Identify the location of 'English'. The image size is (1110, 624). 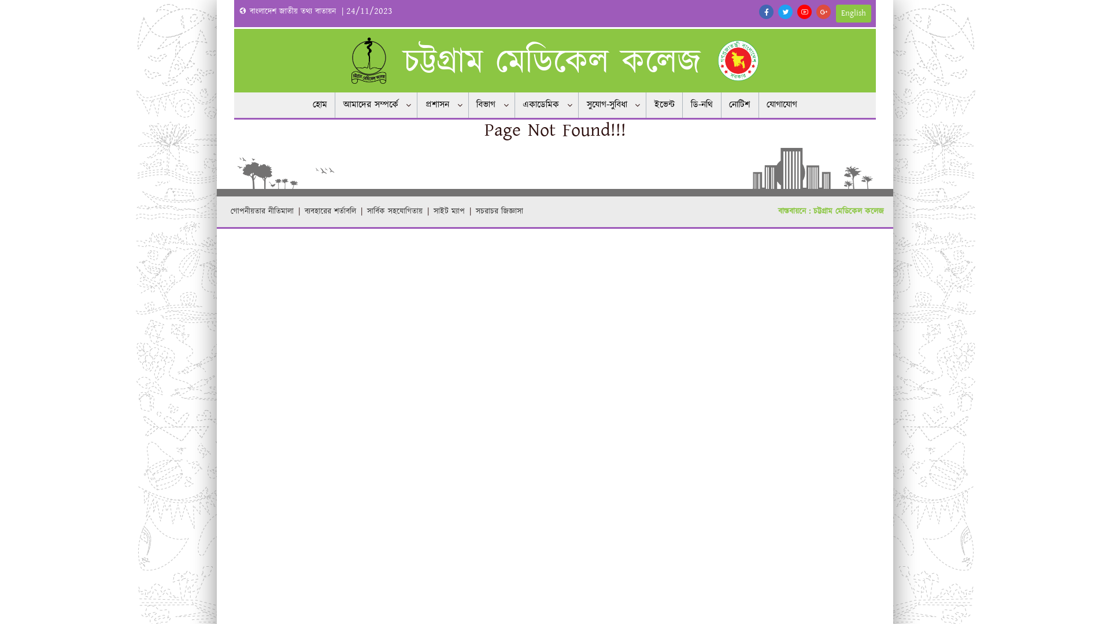
(853, 13).